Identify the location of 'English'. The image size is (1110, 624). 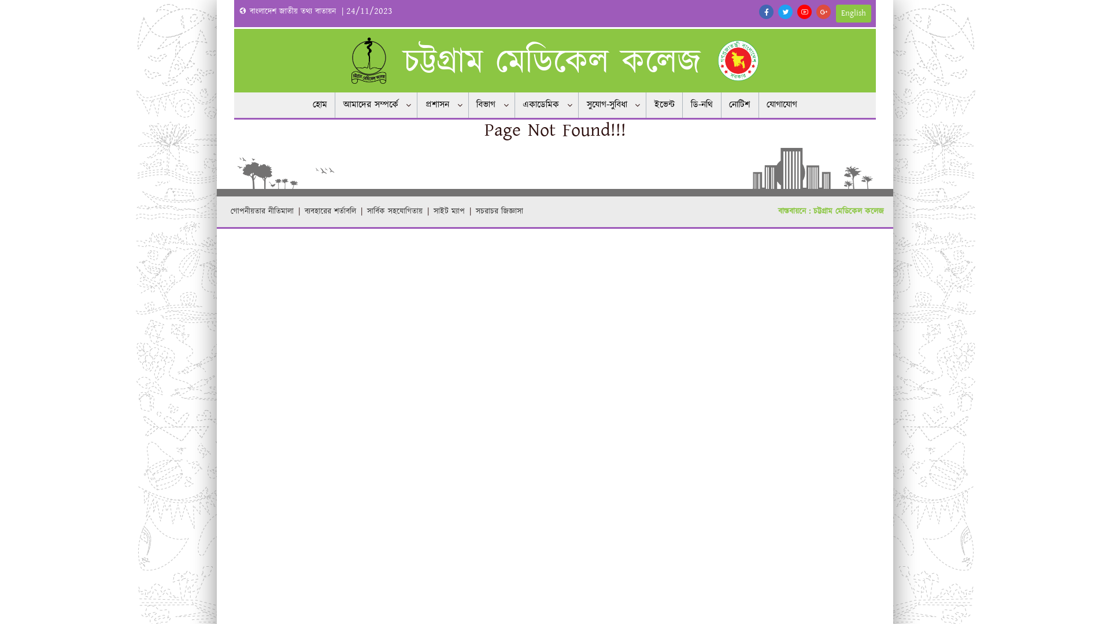
(853, 13).